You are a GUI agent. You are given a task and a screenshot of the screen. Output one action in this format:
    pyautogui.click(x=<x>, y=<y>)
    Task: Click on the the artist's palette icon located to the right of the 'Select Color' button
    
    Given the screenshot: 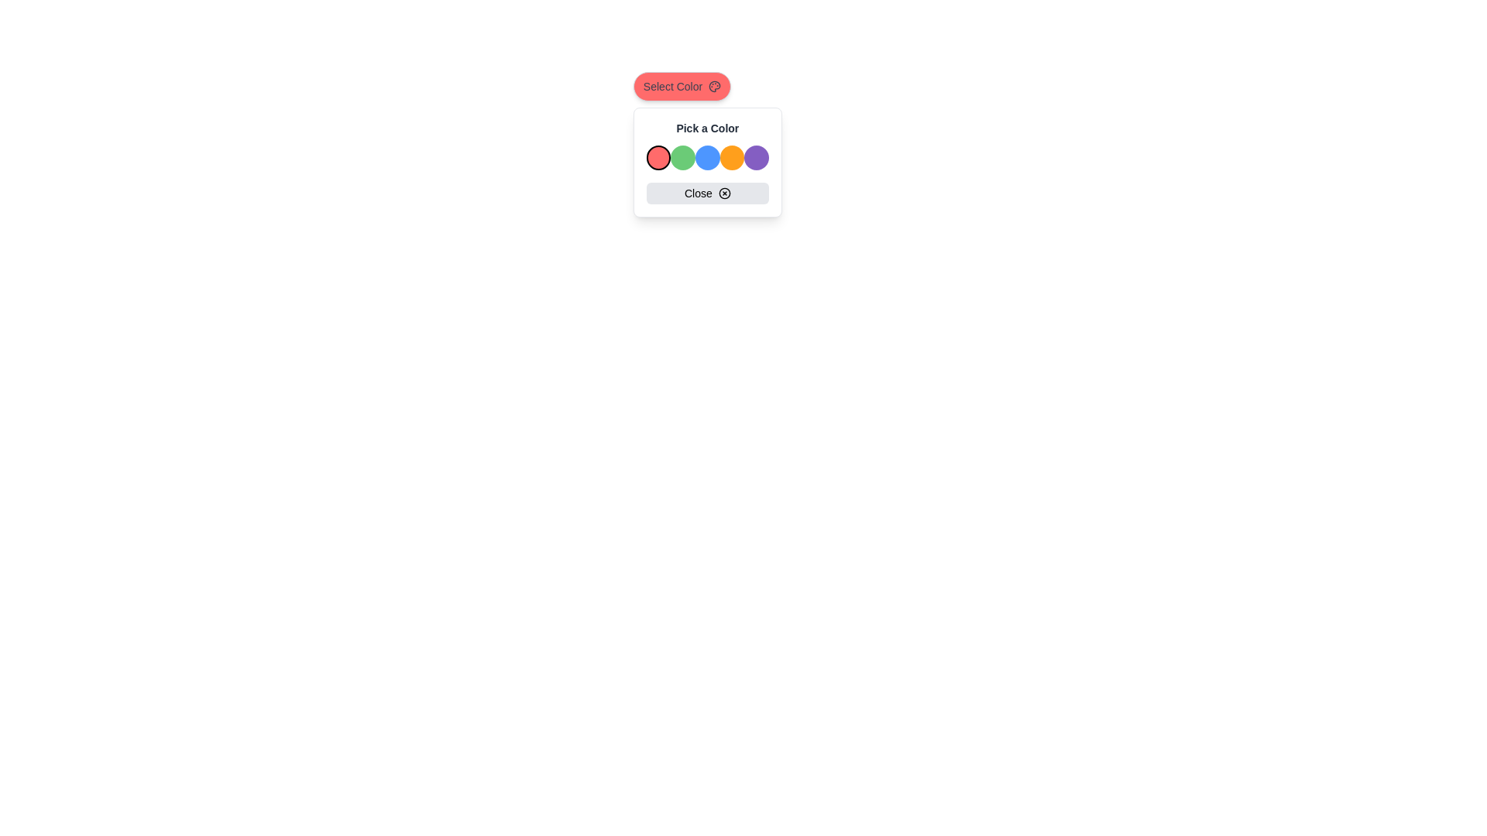 What is the action you would take?
    pyautogui.click(x=714, y=86)
    